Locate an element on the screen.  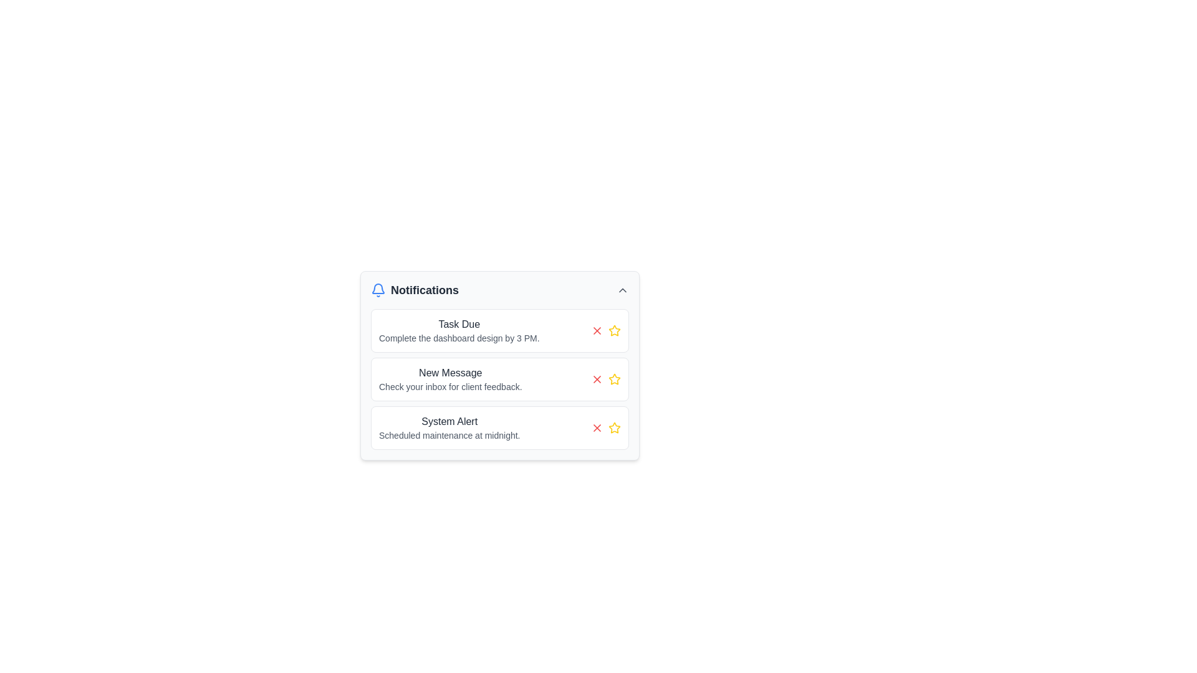
text content from the 'Task Due' notification, which includes the heading and subtext is located at coordinates (458, 330).